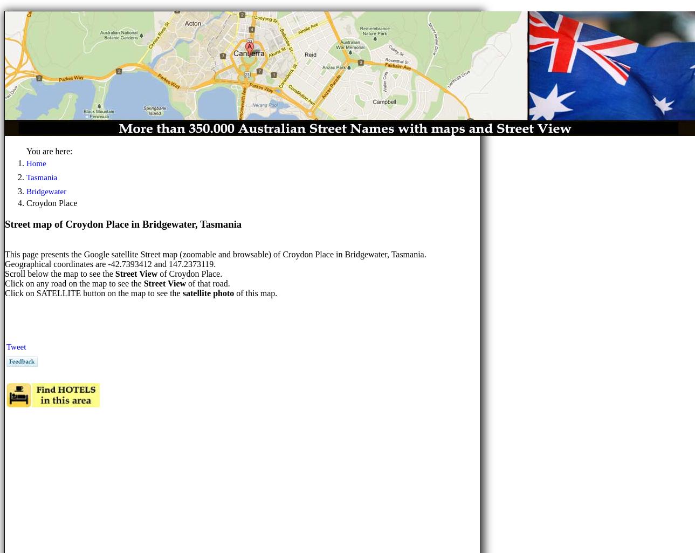 Image resolution: width=695 pixels, height=553 pixels. I want to click on 'Street map of Croydon Place in Bridgewater, Tasmania', so click(122, 223).